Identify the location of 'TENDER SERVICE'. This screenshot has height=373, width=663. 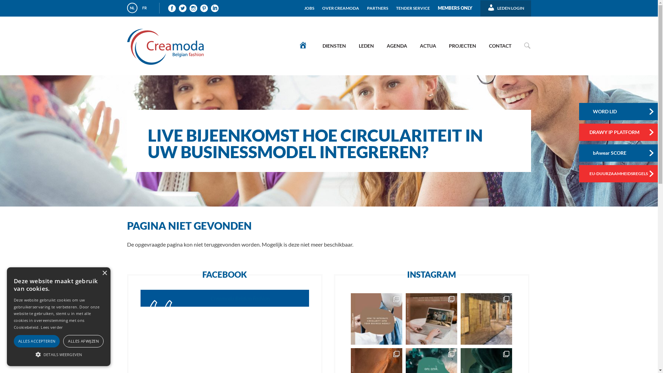
(396, 5).